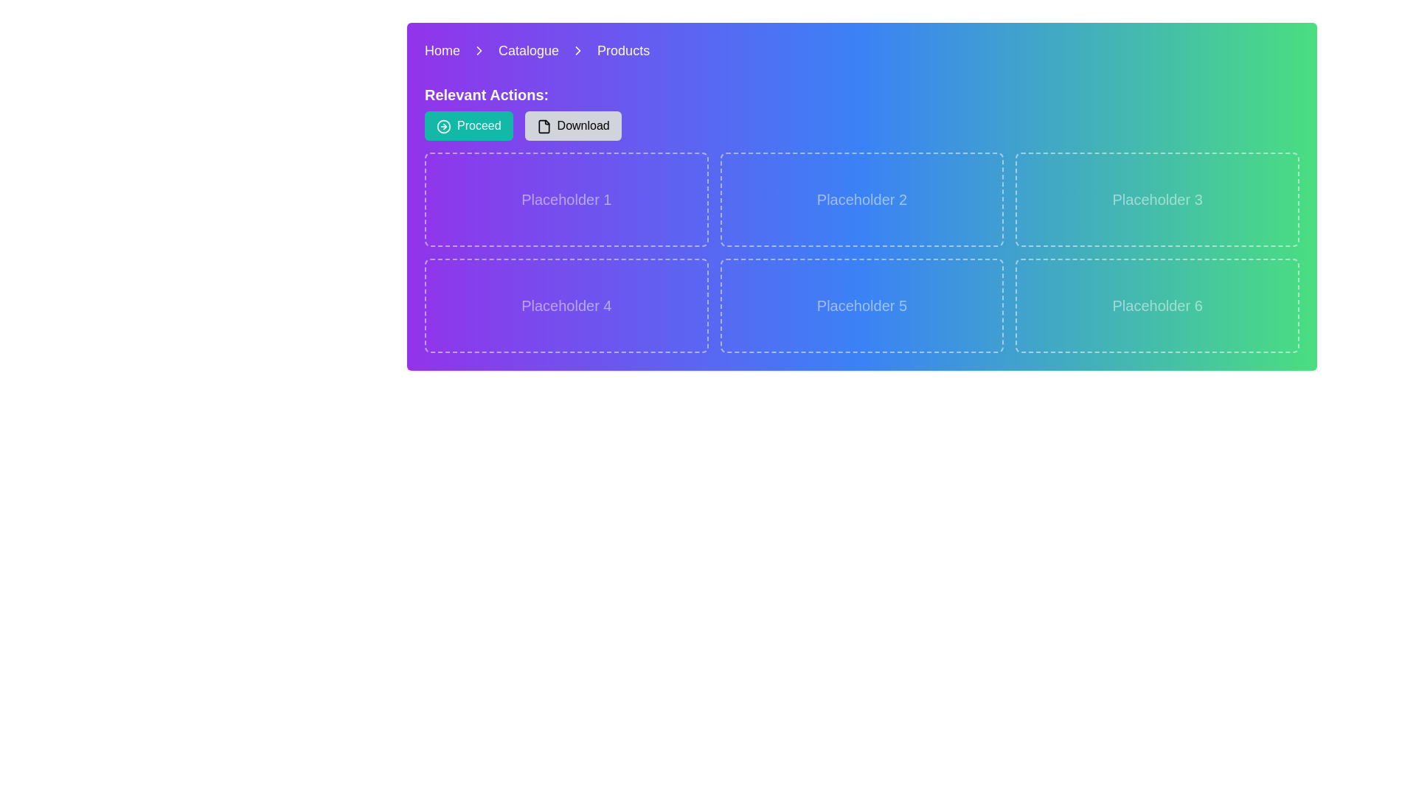  What do you see at coordinates (523, 125) in the screenshot?
I see `the 'Proceed' button in the Action Button Group, which is prominently styled green with white text and icon, located directly beneath the 'Relevant Actions:' header` at bounding box center [523, 125].